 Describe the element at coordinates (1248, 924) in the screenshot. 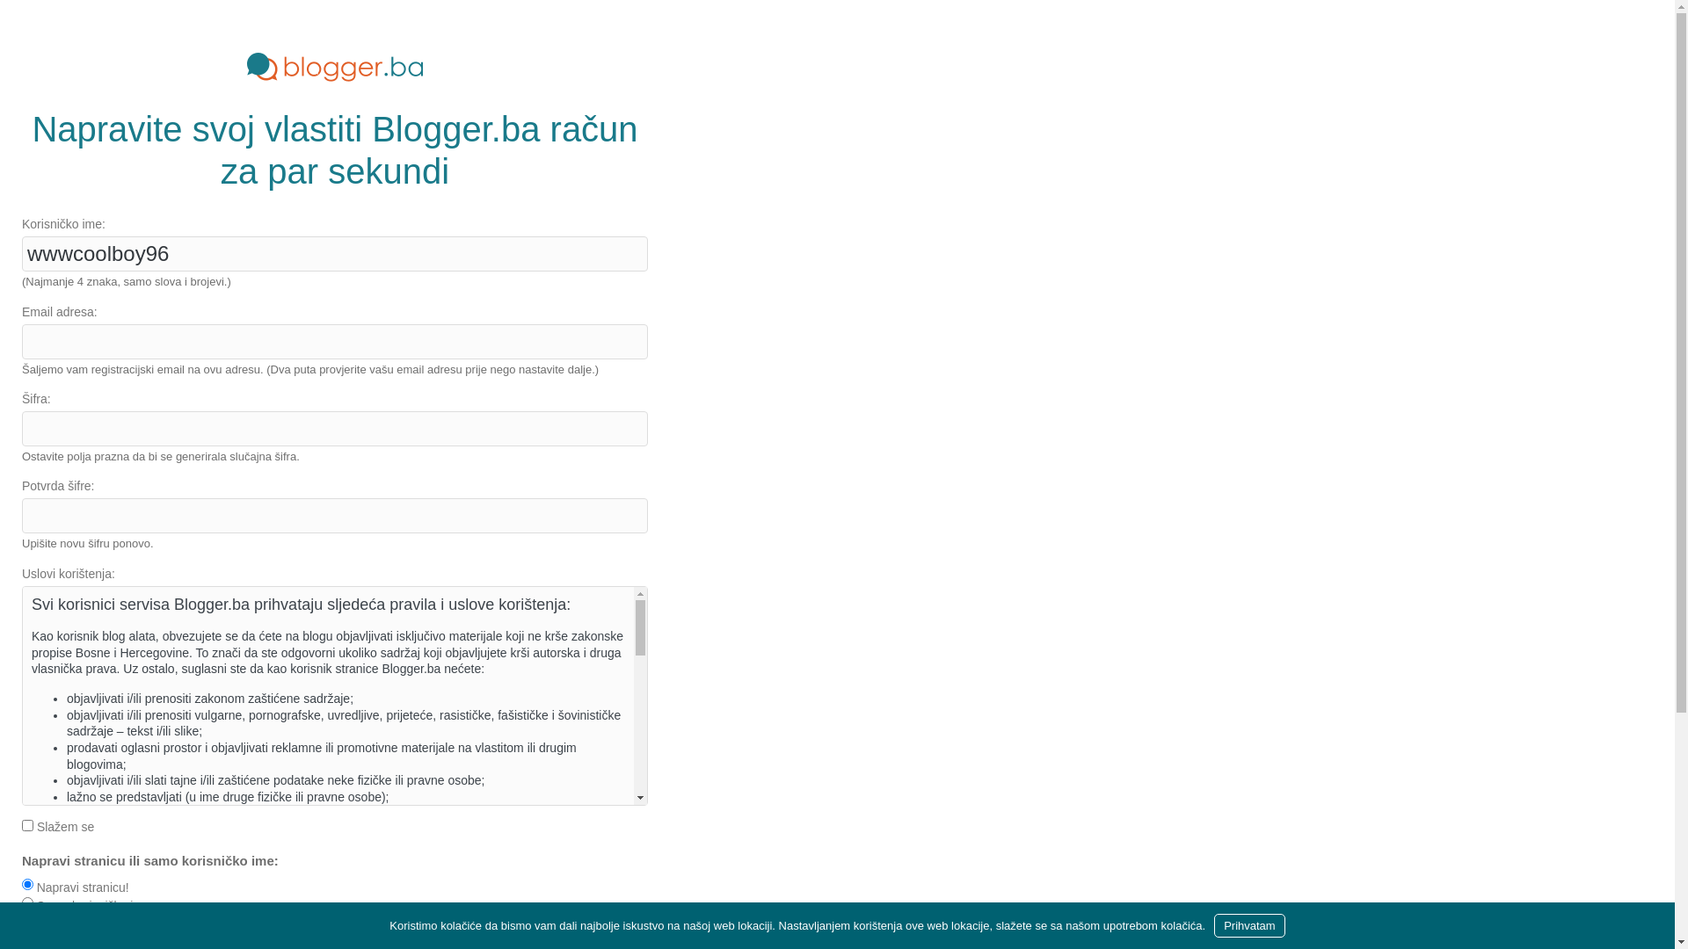

I see `'Prihvatam'` at that location.